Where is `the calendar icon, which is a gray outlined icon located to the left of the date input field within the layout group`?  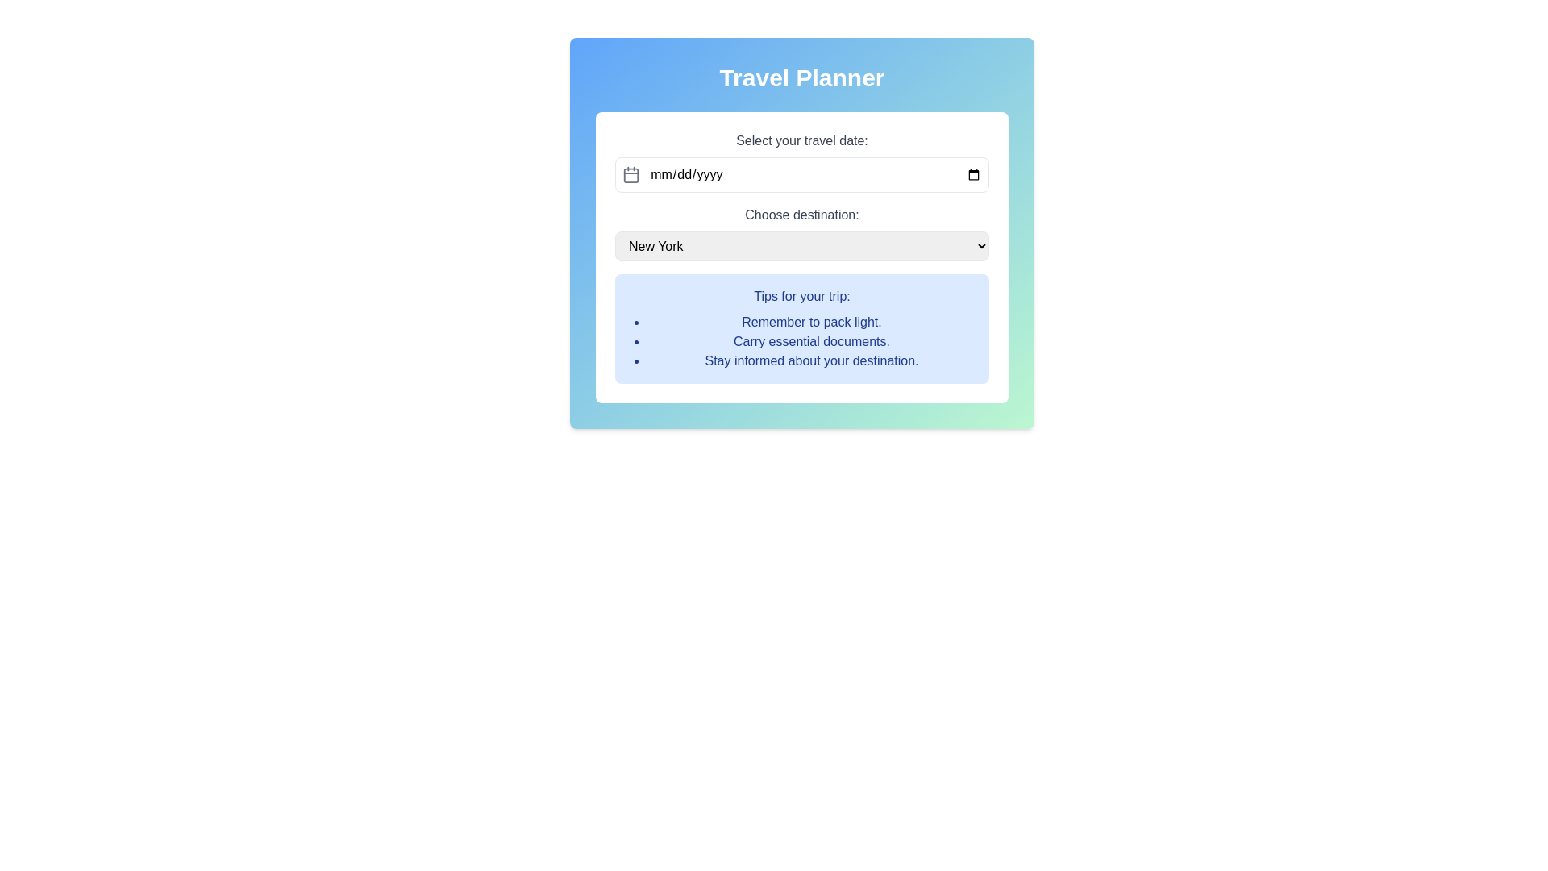 the calendar icon, which is a gray outlined icon located to the left of the date input field within the layout group is located at coordinates (630, 174).